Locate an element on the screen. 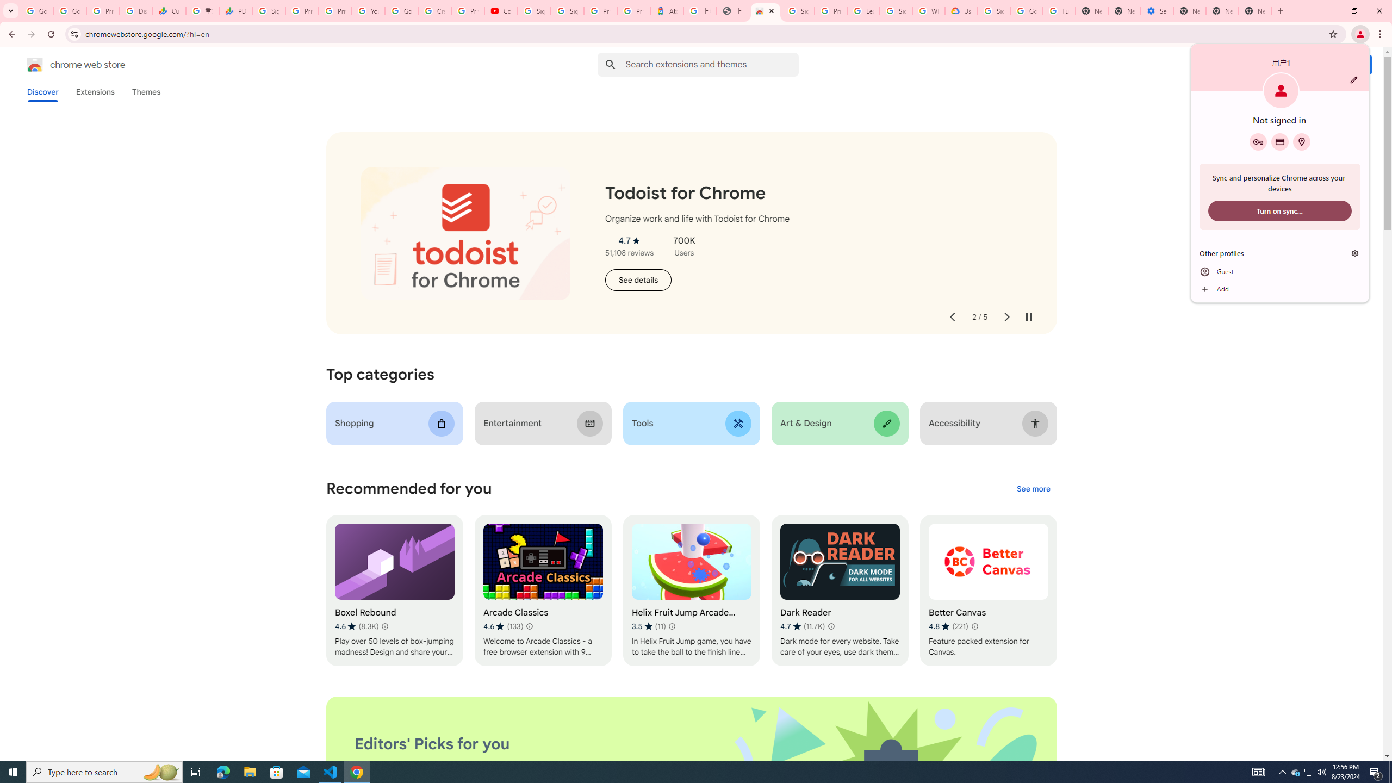 The image size is (1392, 783). 'File Explorer' is located at coordinates (249, 771).